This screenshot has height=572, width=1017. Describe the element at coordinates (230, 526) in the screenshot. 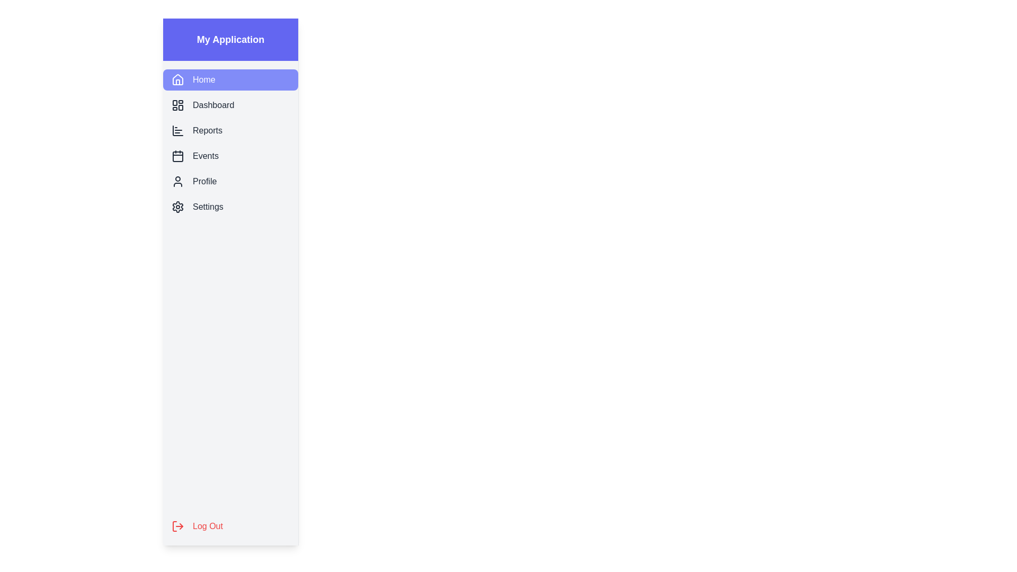

I see `the logout button located at the bottom left of the vertical sidebar` at that location.